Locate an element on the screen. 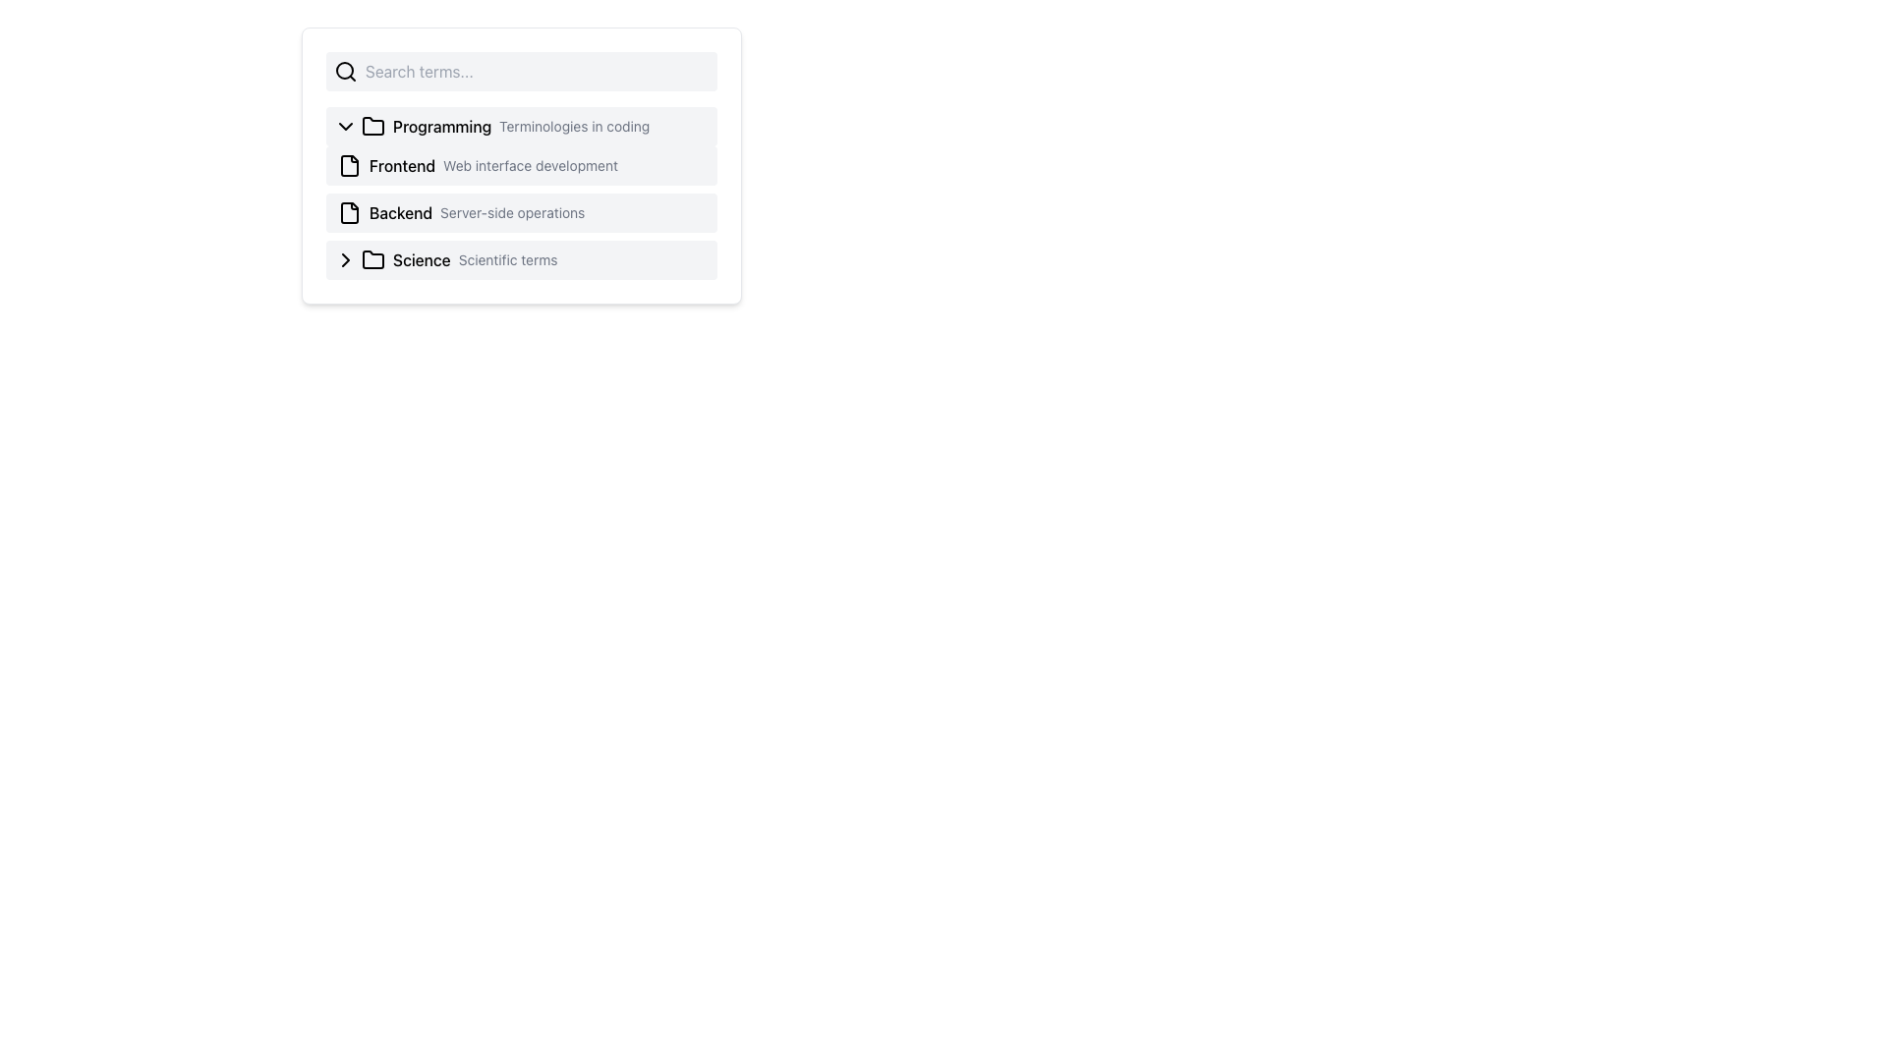 Image resolution: width=1887 pixels, height=1061 pixels. the search icon located at the far left end of the search bar, preceding the placeholder text 'Search terms...' is located at coordinates (345, 71).